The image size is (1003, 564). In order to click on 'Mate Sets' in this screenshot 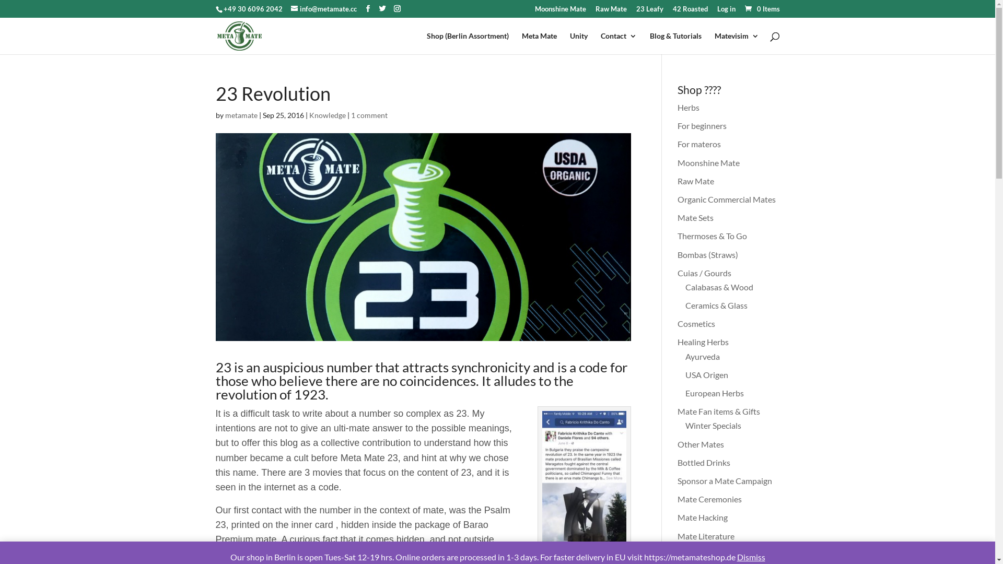, I will do `click(677, 217)`.